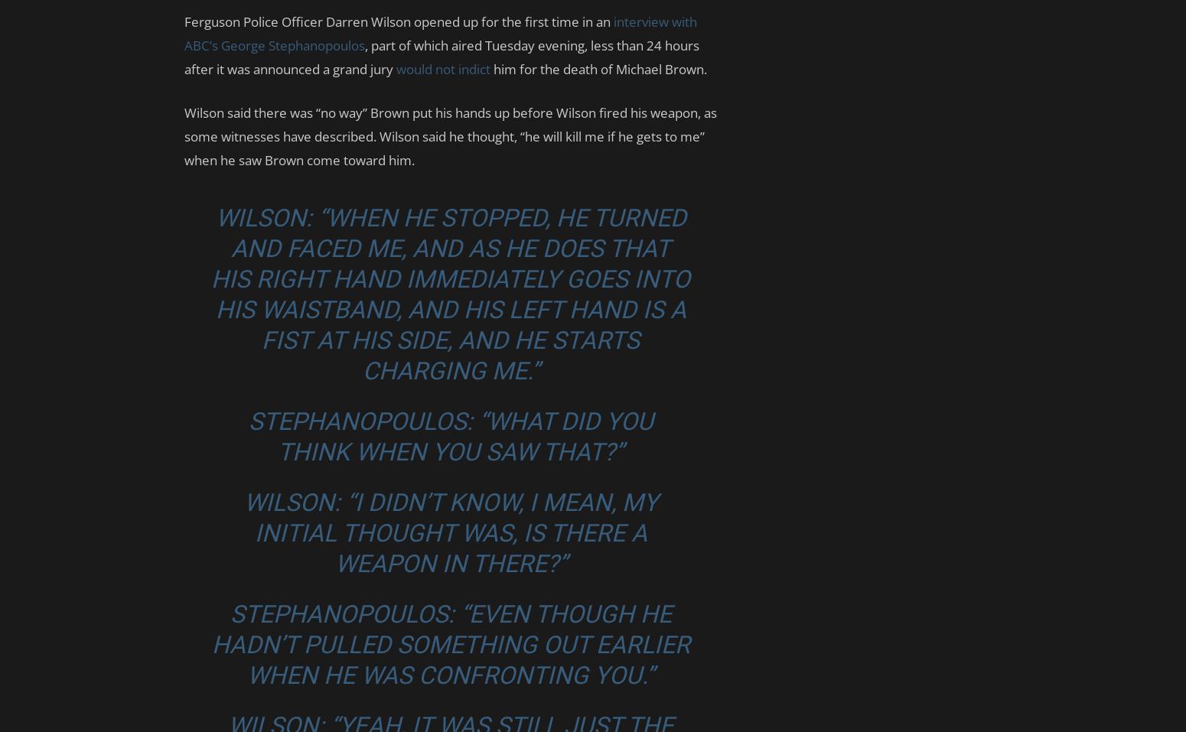  Describe the element at coordinates (451, 294) in the screenshot. I see `'Wilson: “When he stopped, he turned and faced me, and as he does that his right hand immediately goes into his waistband, and his left hand is a fist at his side, and he starts charging me.”'` at that location.